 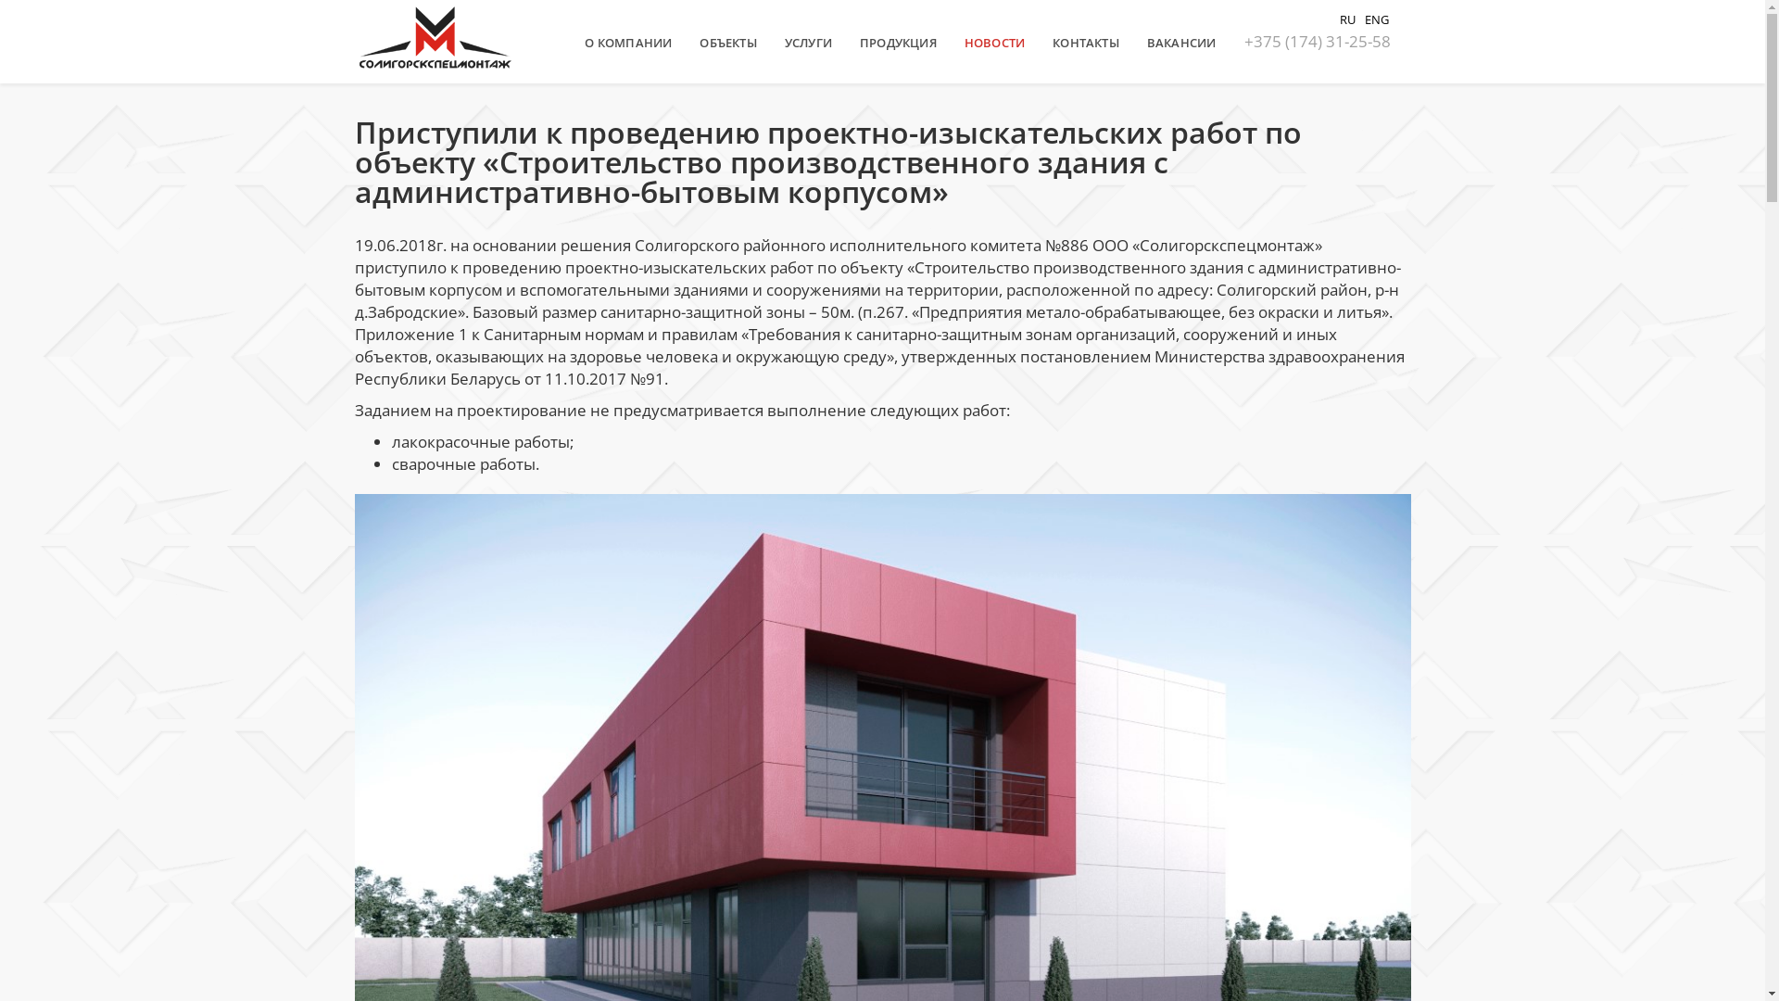 What do you see at coordinates (1315, 41) in the screenshot?
I see `'+375 (174) 31-25-58'` at bounding box center [1315, 41].